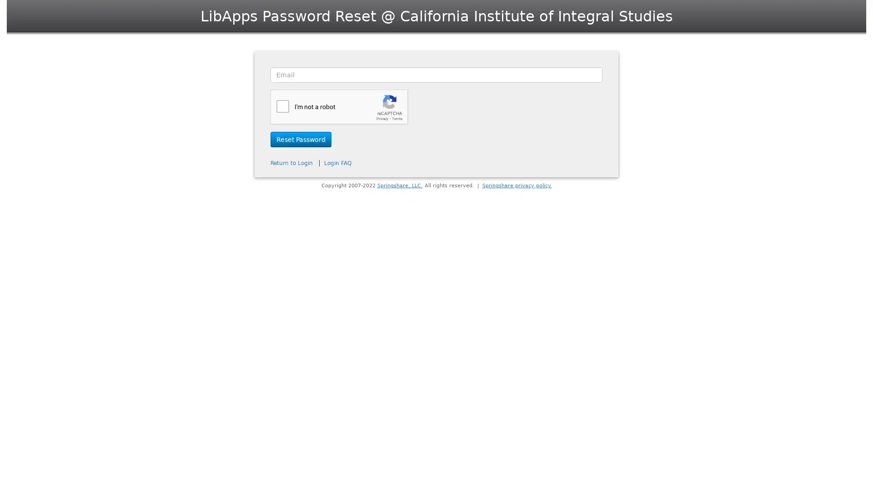 Image resolution: width=873 pixels, height=491 pixels. I want to click on Reset Password, so click(301, 140).